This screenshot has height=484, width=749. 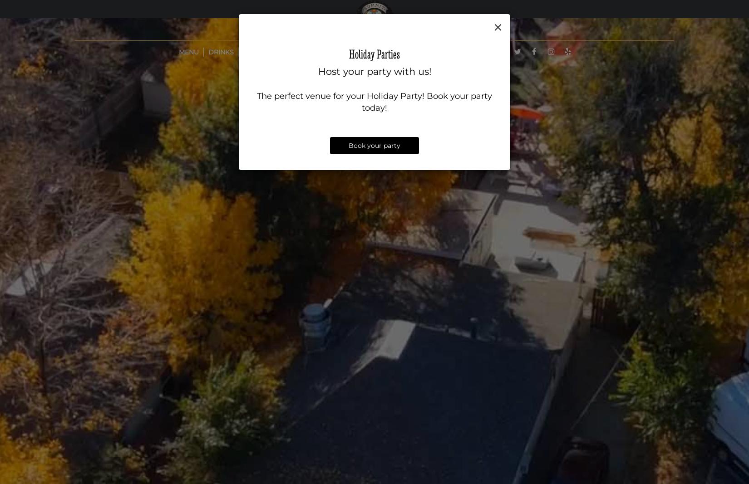 I want to click on 'Host your party with us!', so click(x=374, y=71).